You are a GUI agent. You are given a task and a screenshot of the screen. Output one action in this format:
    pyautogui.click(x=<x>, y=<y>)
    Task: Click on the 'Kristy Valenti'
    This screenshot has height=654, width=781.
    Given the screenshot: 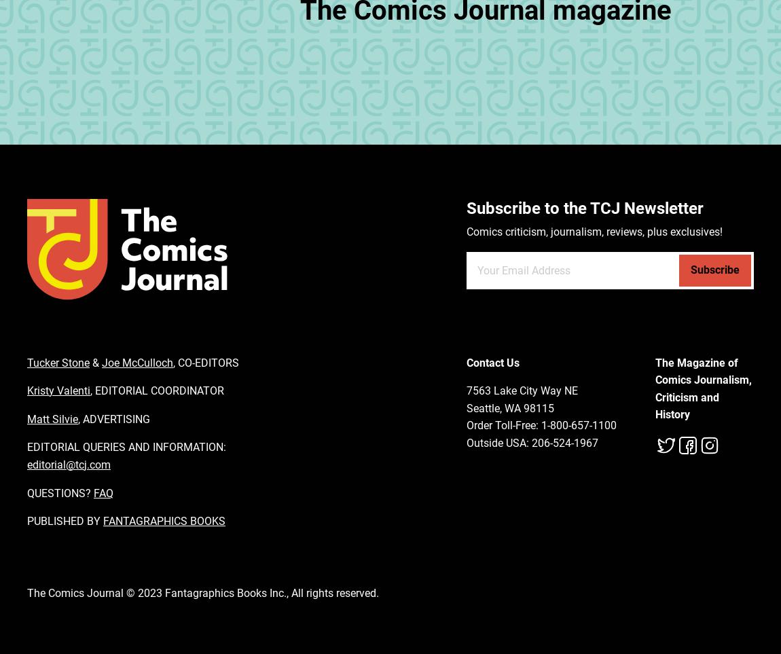 What is the action you would take?
    pyautogui.click(x=26, y=390)
    